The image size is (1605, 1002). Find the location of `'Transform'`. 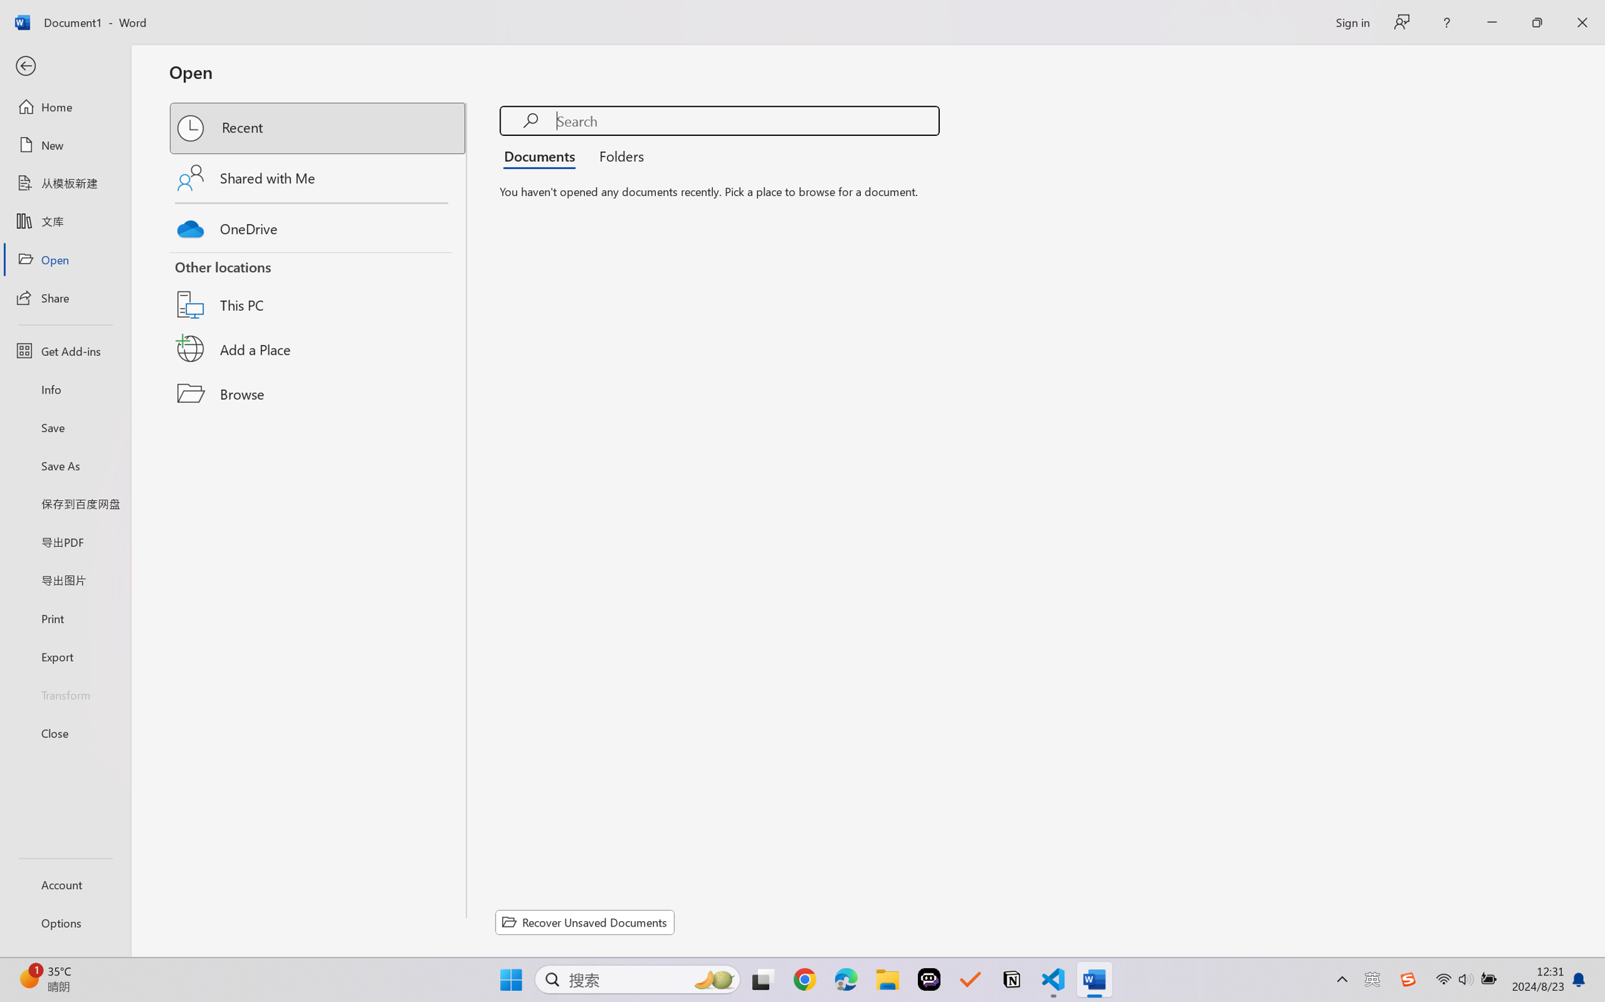

'Transform' is located at coordinates (64, 693).